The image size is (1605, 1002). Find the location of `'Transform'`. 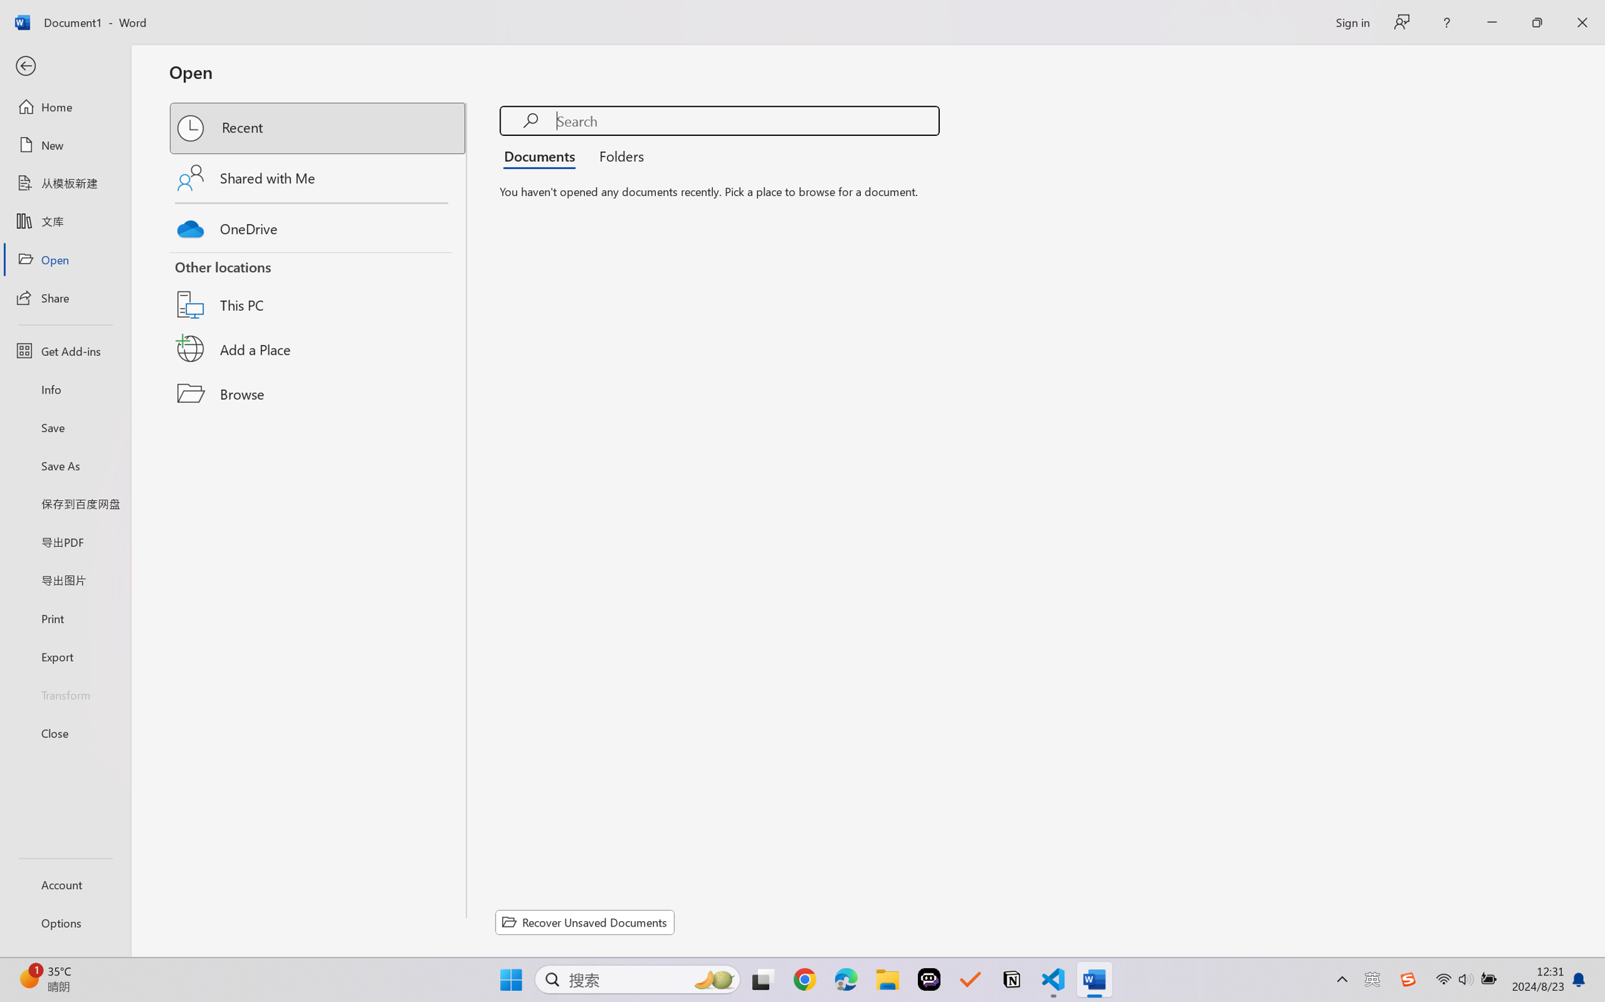

'Transform' is located at coordinates (64, 693).